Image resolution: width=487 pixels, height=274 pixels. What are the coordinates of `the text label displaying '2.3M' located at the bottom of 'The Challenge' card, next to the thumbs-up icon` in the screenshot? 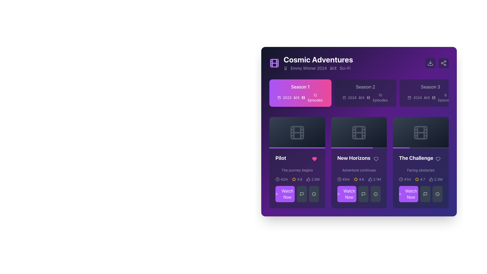 It's located at (438, 179).